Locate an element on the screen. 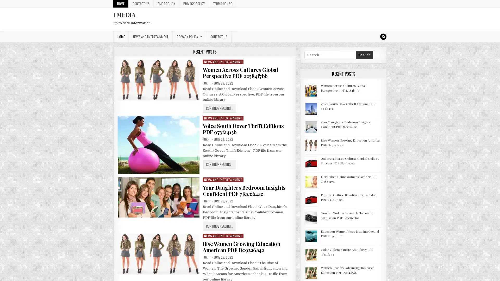 Image resolution: width=500 pixels, height=281 pixels. Search is located at coordinates (364, 55).